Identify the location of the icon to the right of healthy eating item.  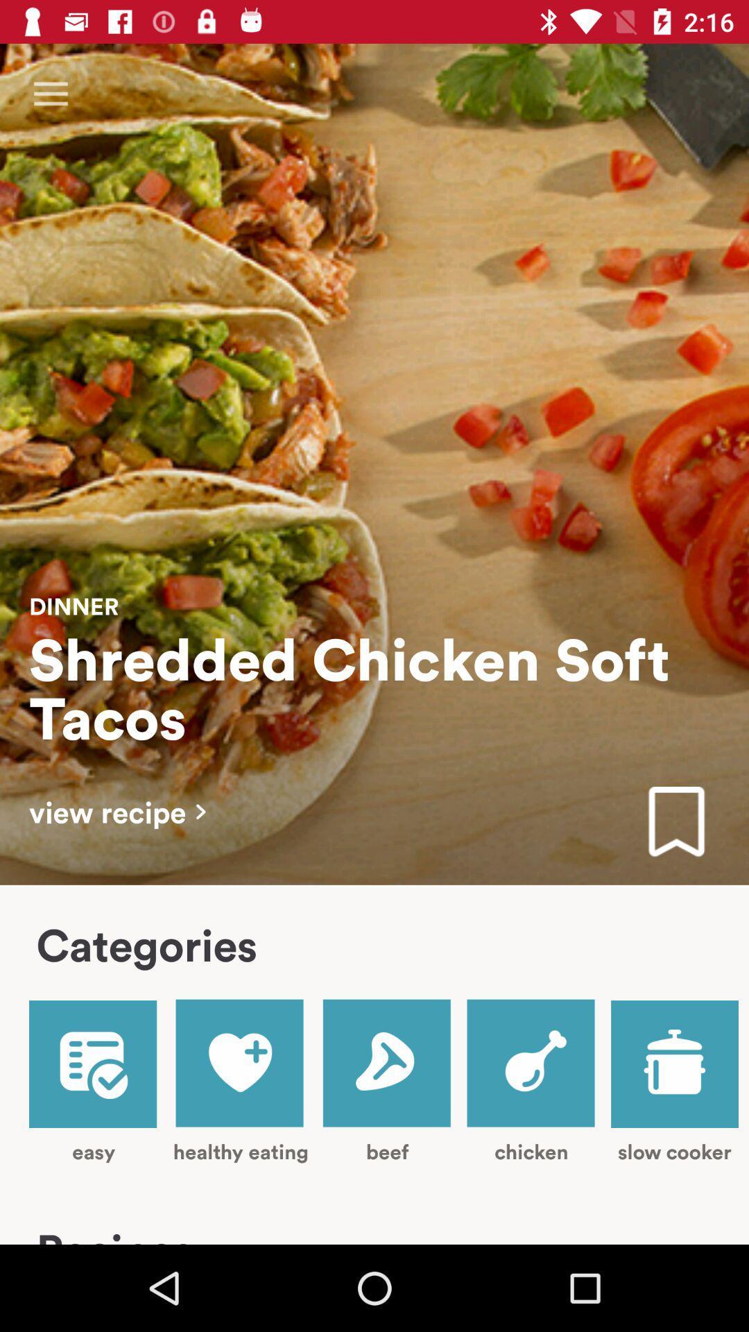
(388, 1080).